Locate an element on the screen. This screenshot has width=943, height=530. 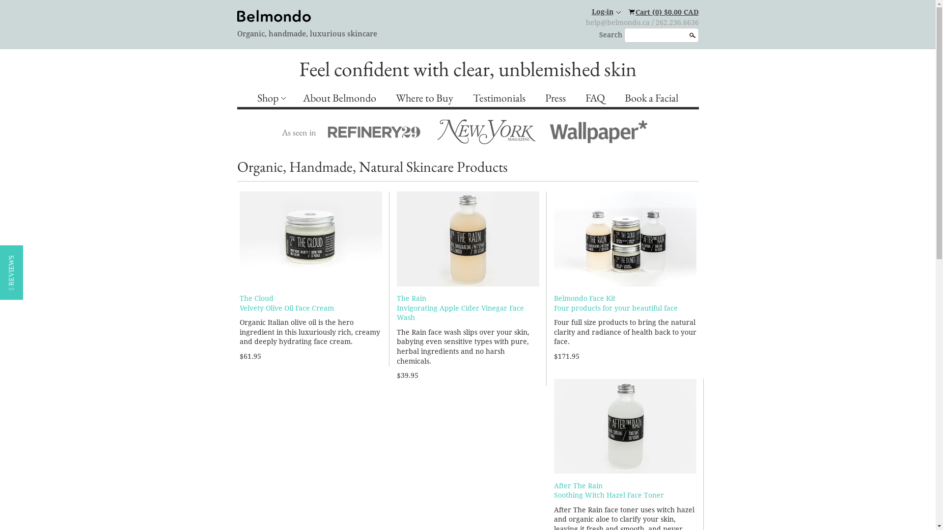
'Belmondo Face Kit' is located at coordinates (584, 298).